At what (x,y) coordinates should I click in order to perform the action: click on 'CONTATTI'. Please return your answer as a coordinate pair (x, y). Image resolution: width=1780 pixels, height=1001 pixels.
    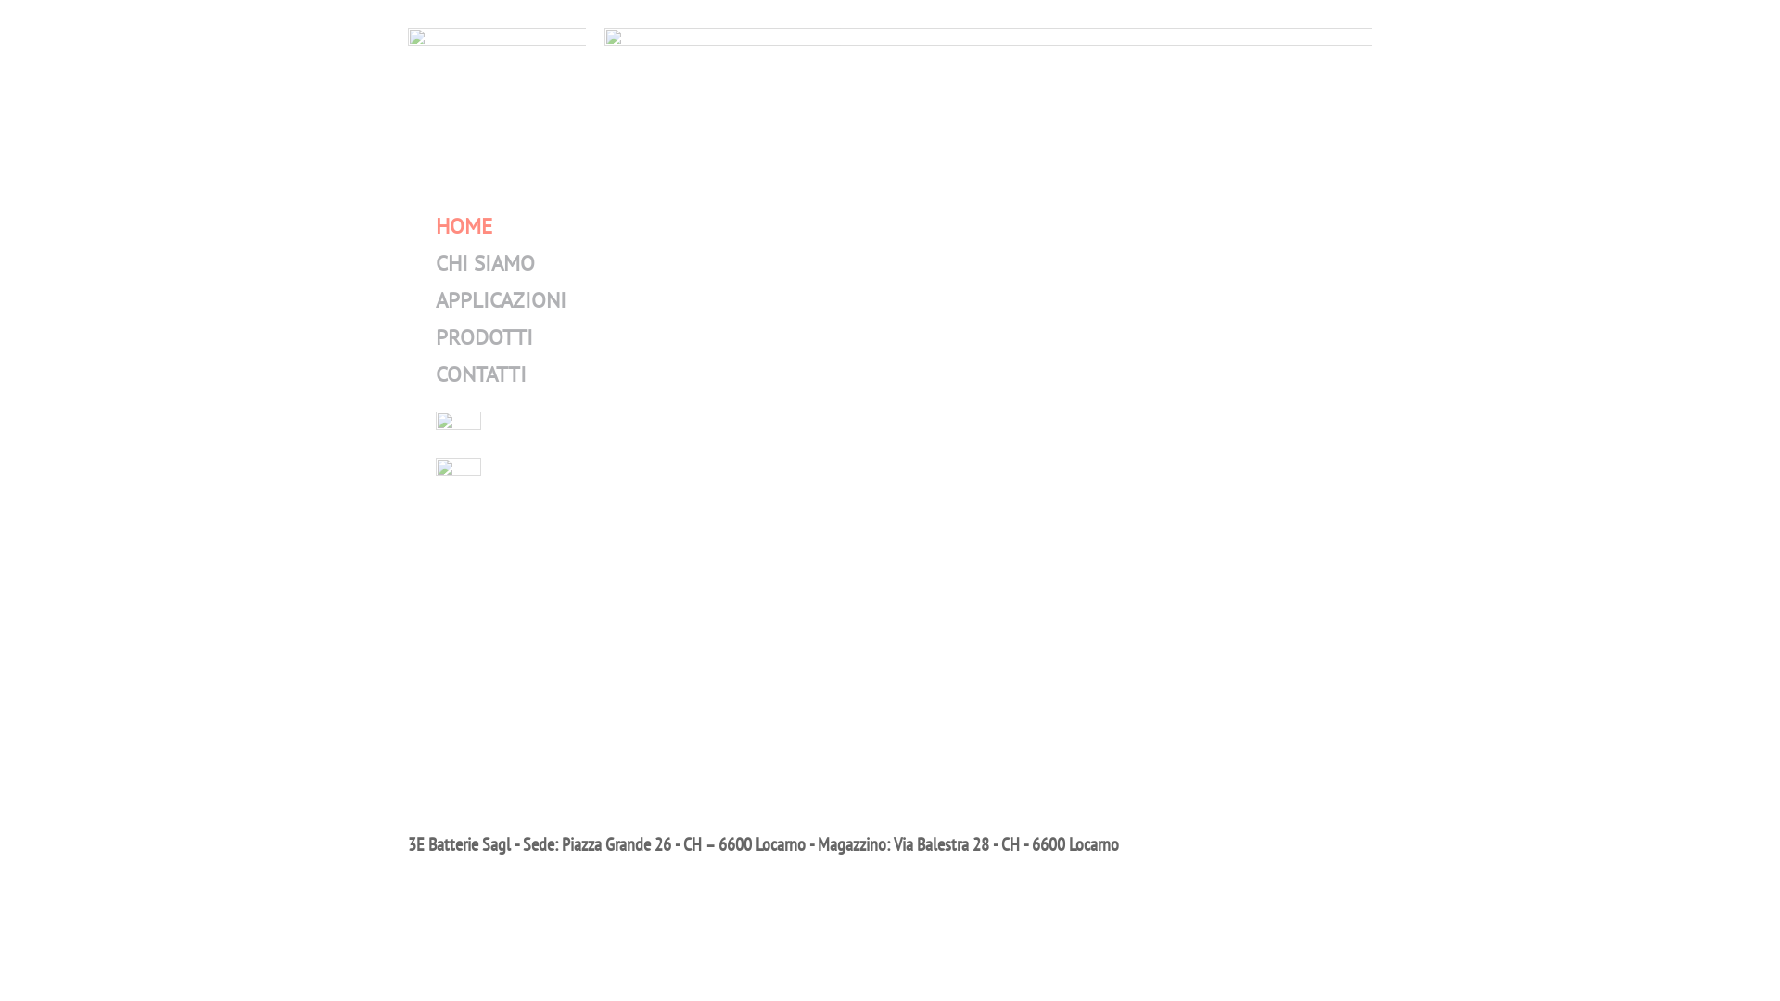
    Looking at the image, I should click on (480, 374).